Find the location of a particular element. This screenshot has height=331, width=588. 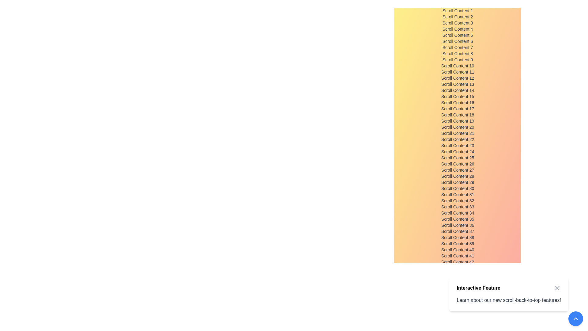

the text entry displaying 'Scroll Content 19', which is styled with gray text and positioned centrally in a vertical list of items is located at coordinates (458, 121).